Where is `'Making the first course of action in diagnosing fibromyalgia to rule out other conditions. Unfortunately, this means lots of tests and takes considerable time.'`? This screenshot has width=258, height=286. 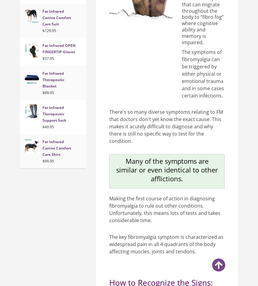 'Making the first course of action in diagnosing fibromyalgia to rule out other conditions. Unfortunately, this means lots of tests and takes considerable time.' is located at coordinates (164, 209).